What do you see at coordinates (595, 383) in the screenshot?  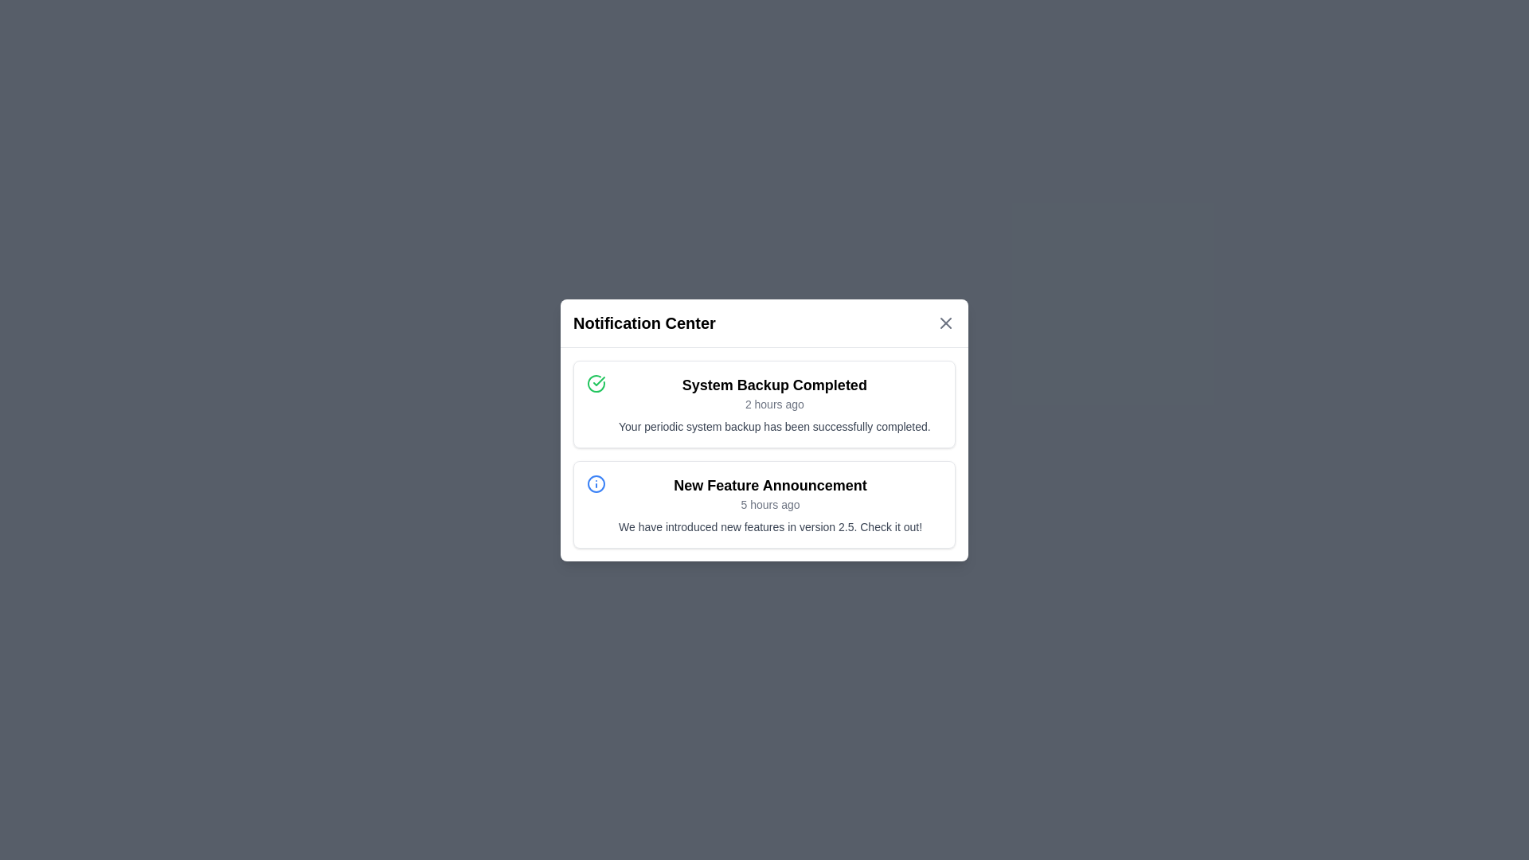 I see `the Success icon located at the leftmost position within the notification block titled 'System Backup Completed', visually indicating the completion of the system backup process` at bounding box center [595, 383].